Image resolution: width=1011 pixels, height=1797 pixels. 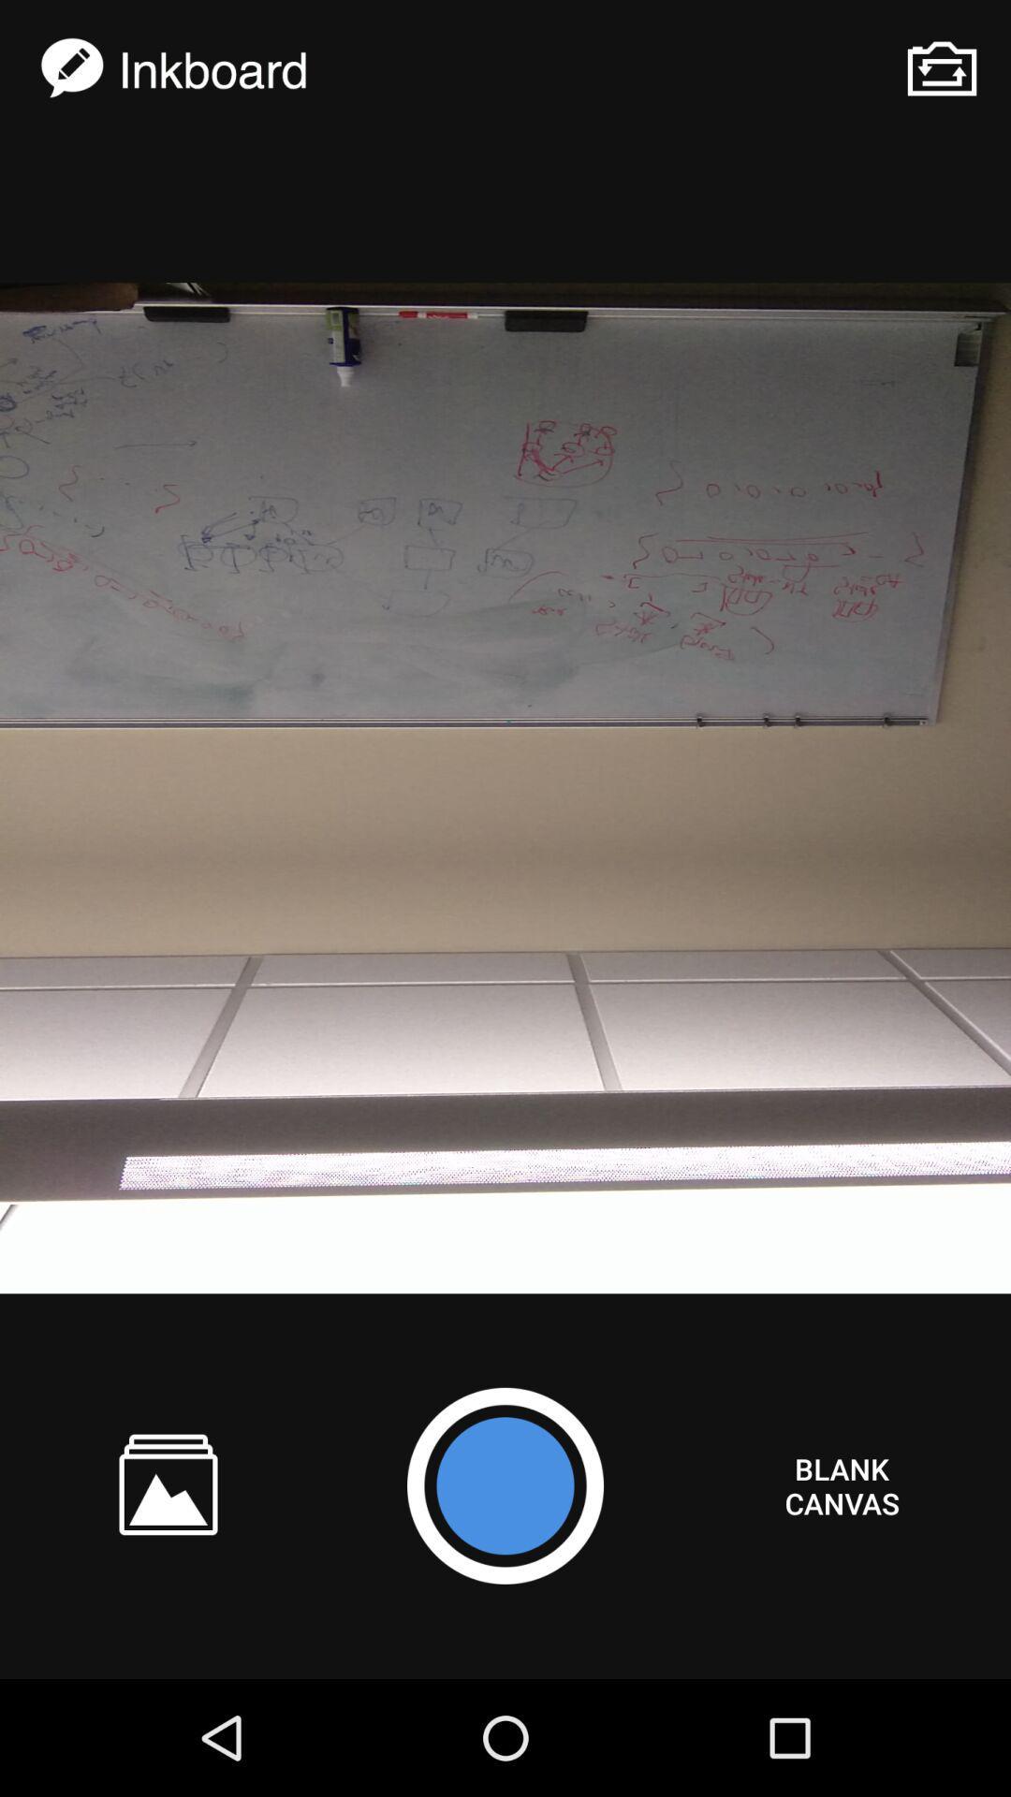 What do you see at coordinates (168, 1484) in the screenshot?
I see `the wallpaper icon` at bounding box center [168, 1484].